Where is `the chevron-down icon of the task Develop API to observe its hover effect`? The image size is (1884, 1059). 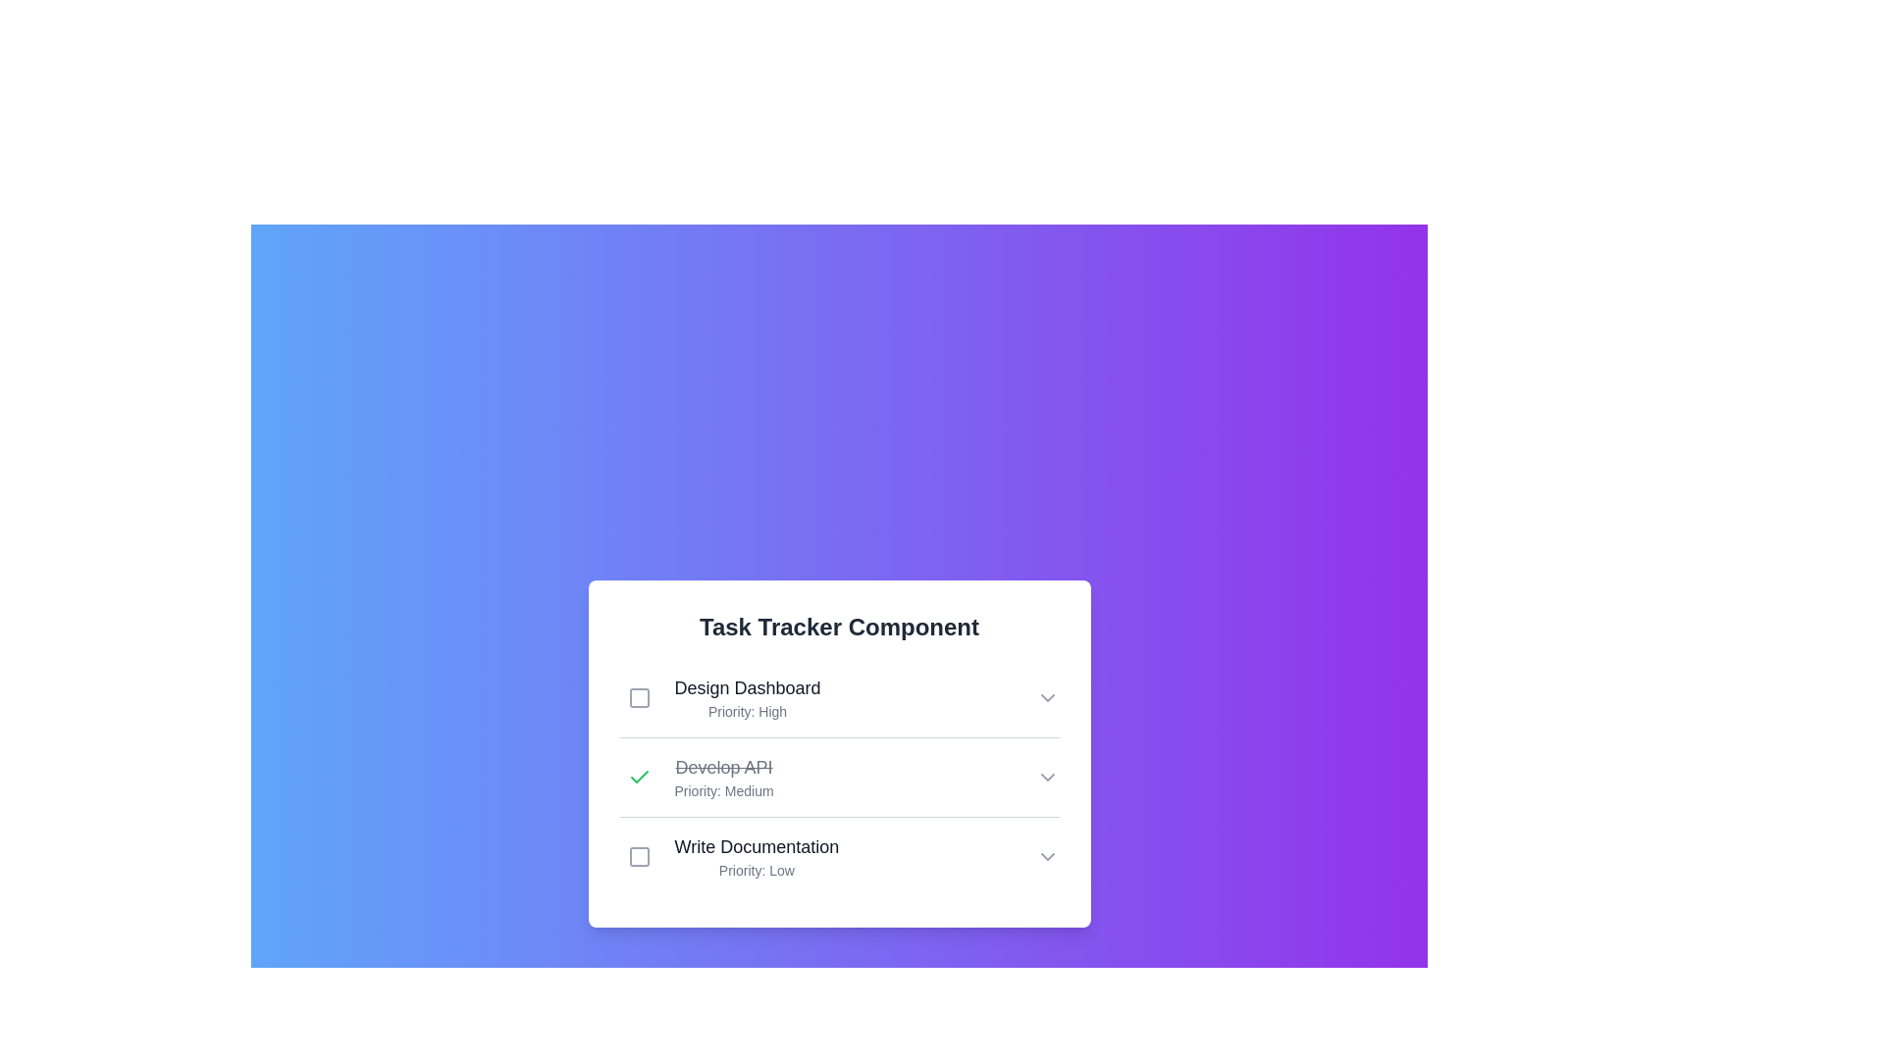 the chevron-down icon of the task Develop API to observe its hover effect is located at coordinates (1046, 777).